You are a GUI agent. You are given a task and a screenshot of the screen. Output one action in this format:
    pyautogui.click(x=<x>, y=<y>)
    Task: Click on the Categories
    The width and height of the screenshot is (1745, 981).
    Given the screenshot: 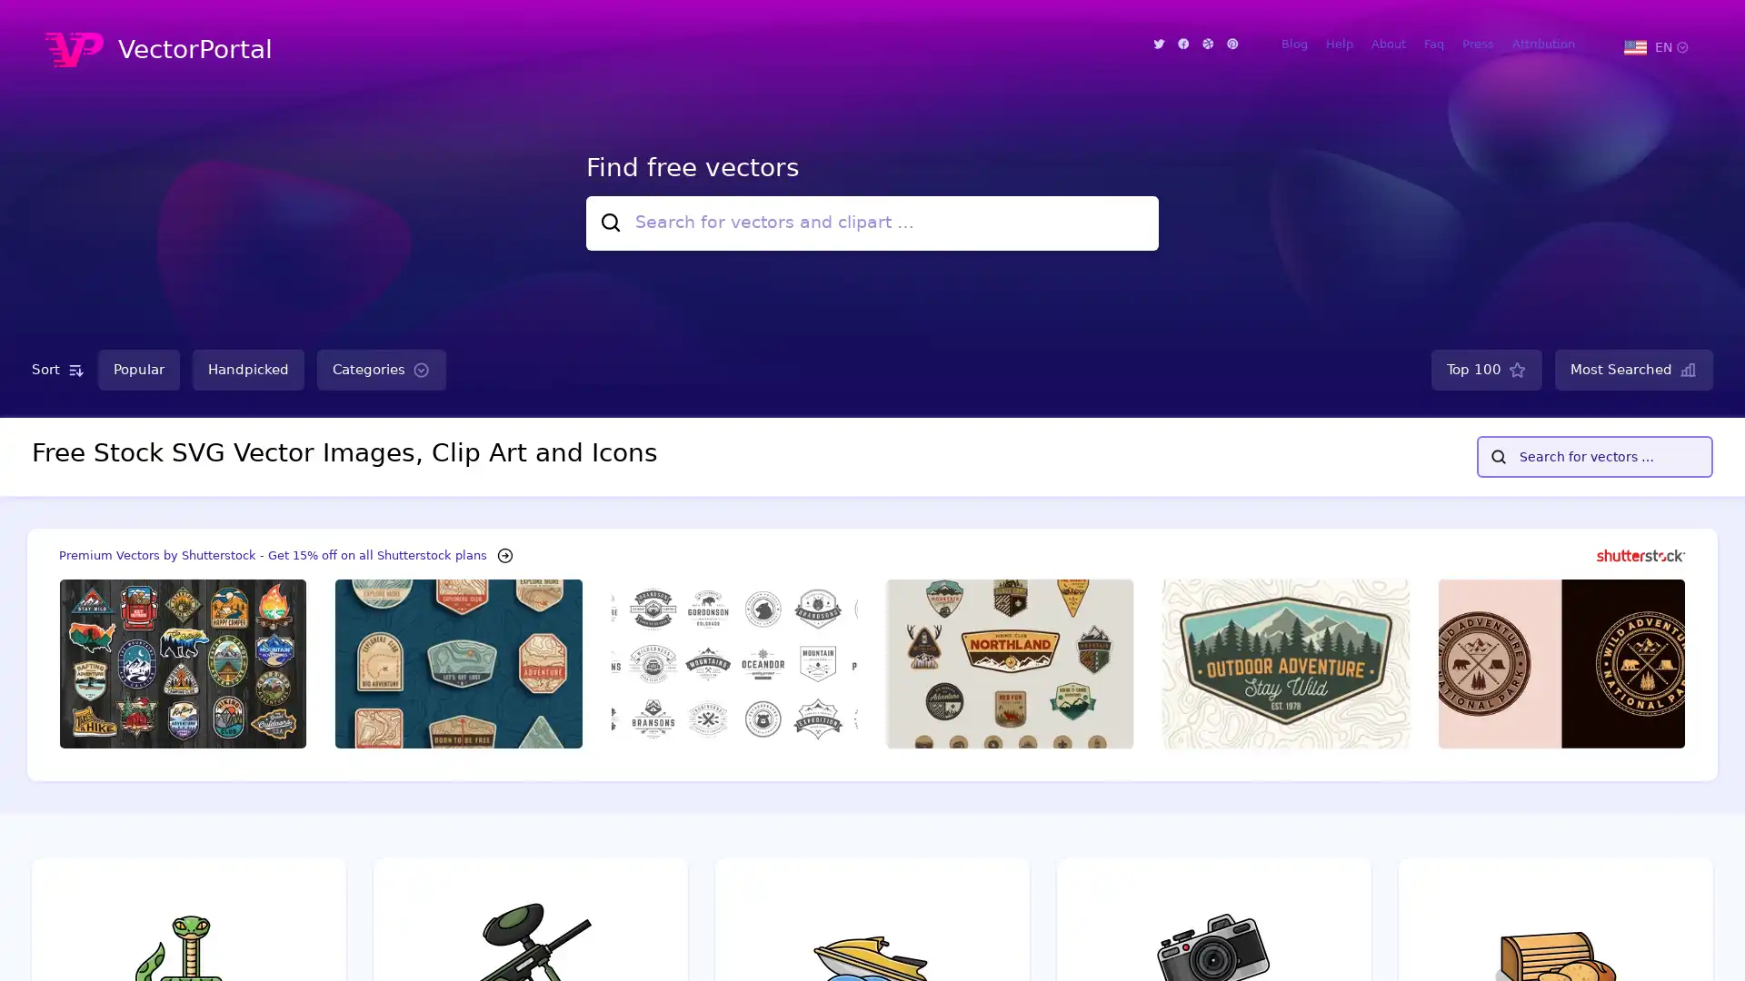 What is the action you would take?
    pyautogui.click(x=381, y=369)
    